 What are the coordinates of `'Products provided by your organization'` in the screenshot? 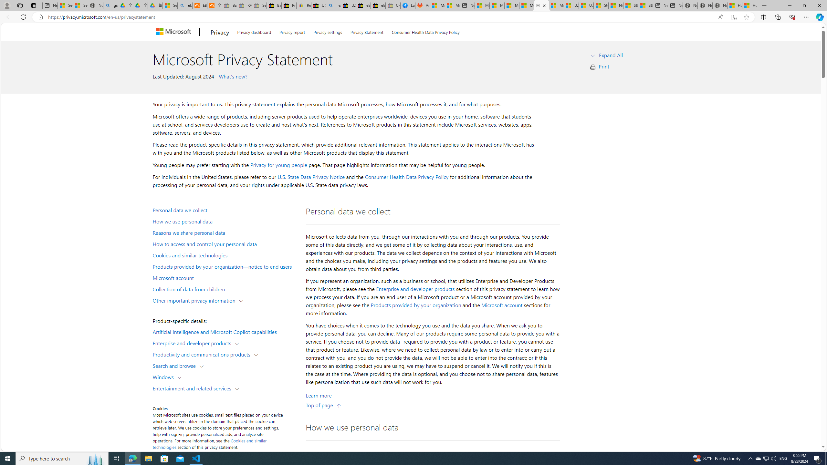 It's located at (416, 305).